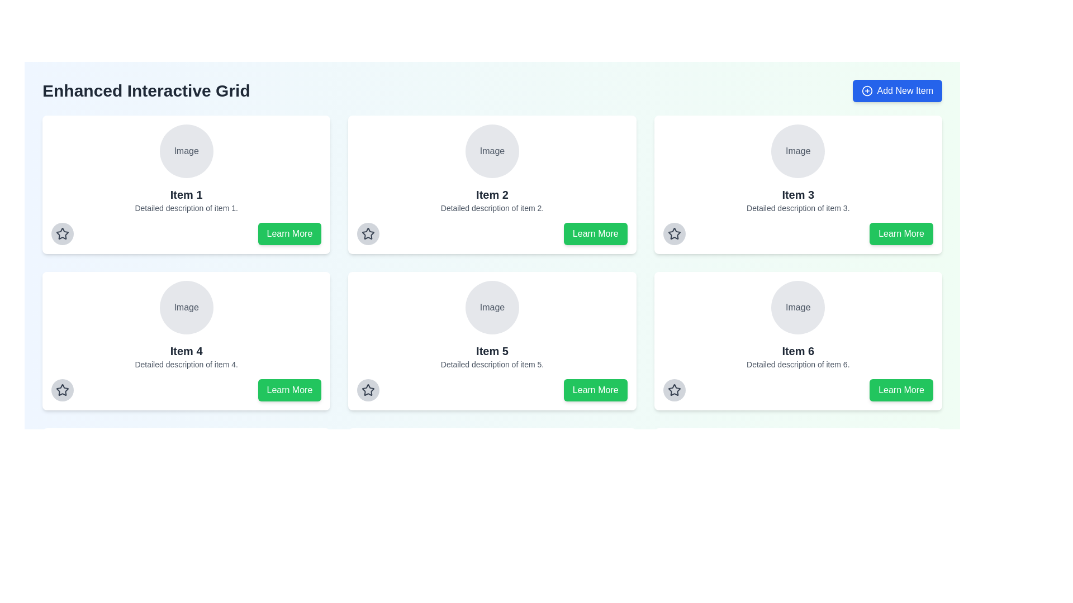 Image resolution: width=1073 pixels, height=603 pixels. Describe the element at coordinates (186, 208) in the screenshot. I see `the text block that reads 'Detailed description of item 1.' located at the bottom of the card for 'Item 1', positioned beneath its header and above the 'Learn More' button` at that location.